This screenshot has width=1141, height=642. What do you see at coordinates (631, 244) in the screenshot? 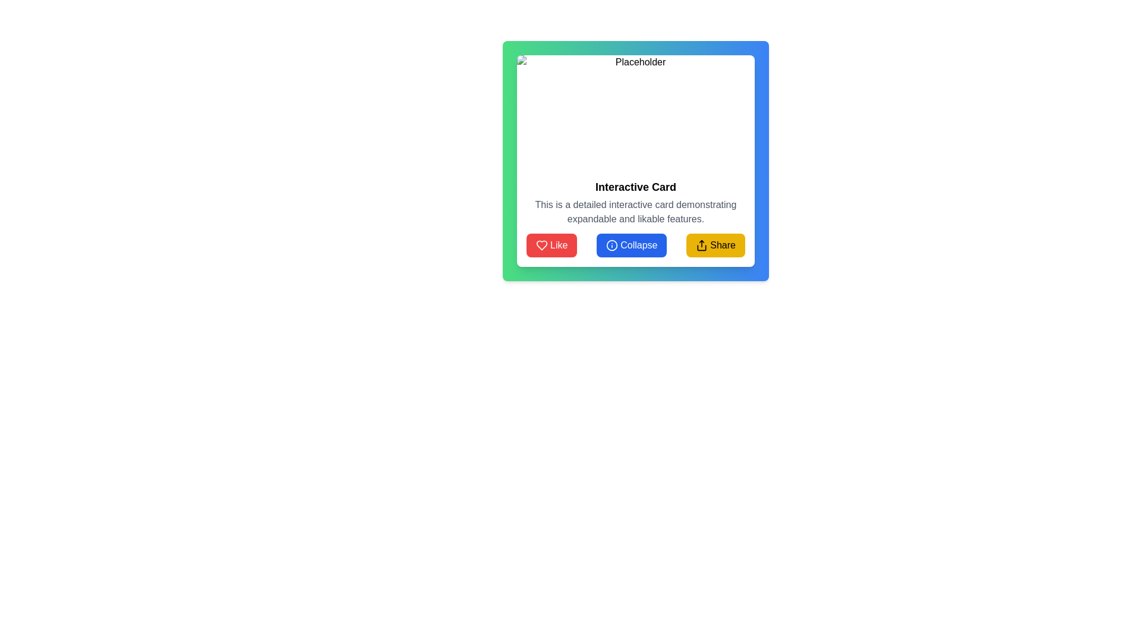
I see `the collapse/minimize button located between the red 'Like' button and the yellow 'Share' button` at bounding box center [631, 244].